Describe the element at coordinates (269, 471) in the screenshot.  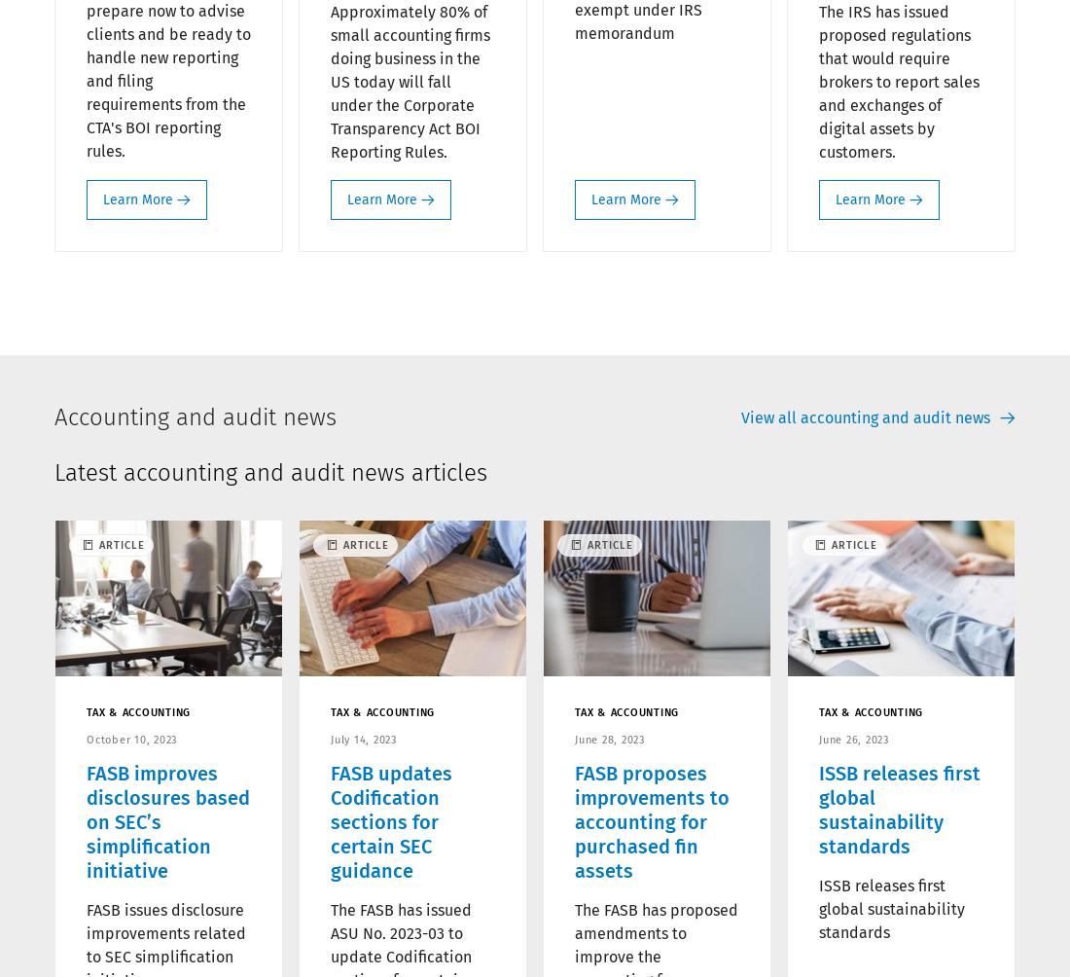
I see `'Latest accounting and audit news articles'` at that location.